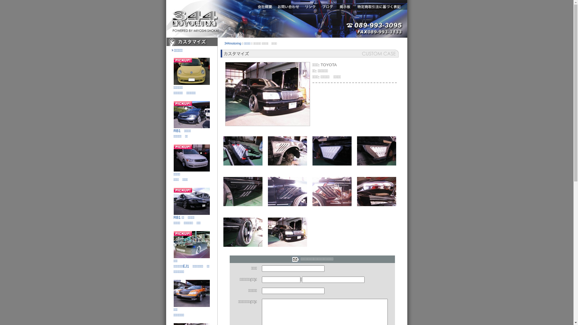  I want to click on '344motoring', so click(232, 43).